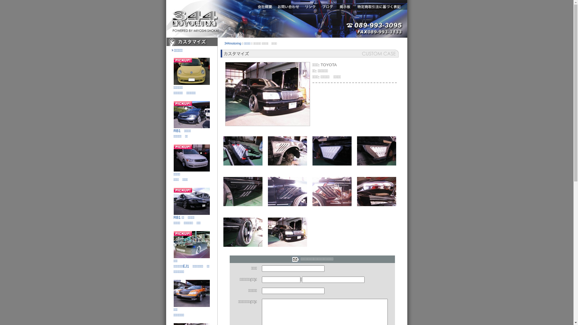  I want to click on '344motoring', so click(232, 43).